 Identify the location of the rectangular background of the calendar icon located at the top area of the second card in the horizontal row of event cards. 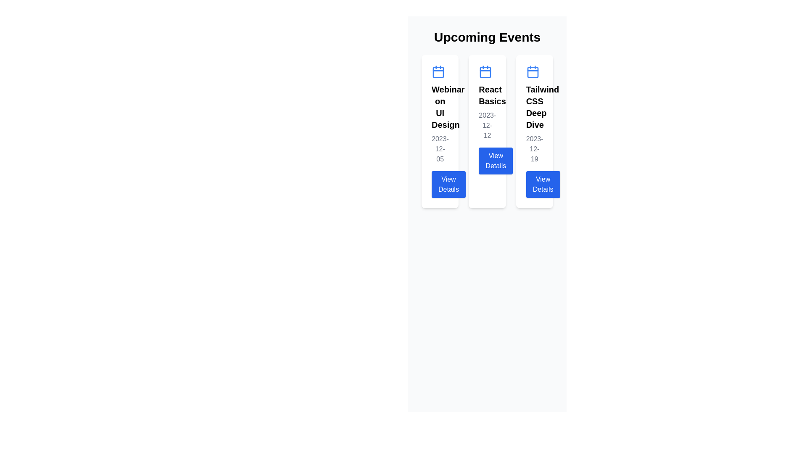
(485, 72).